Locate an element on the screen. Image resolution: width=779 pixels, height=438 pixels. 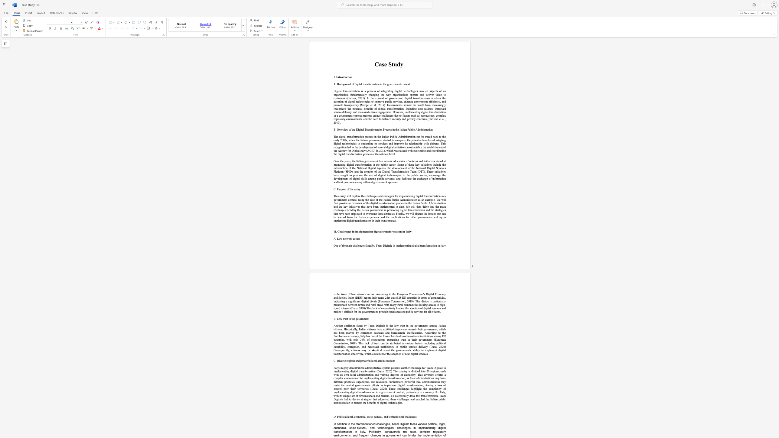
the subset text "gulatory envir" within the text "sformation, including cost savings, improved service delivery, and increased citizen engagement. However, implementing digital transformation in a government context presents unique challenges due to factors such as bureaucracy, complex regulatory environments, and the need to balance security and privacy concerns (Dwivedi et al., 2017)." is located at coordinates (336, 119).